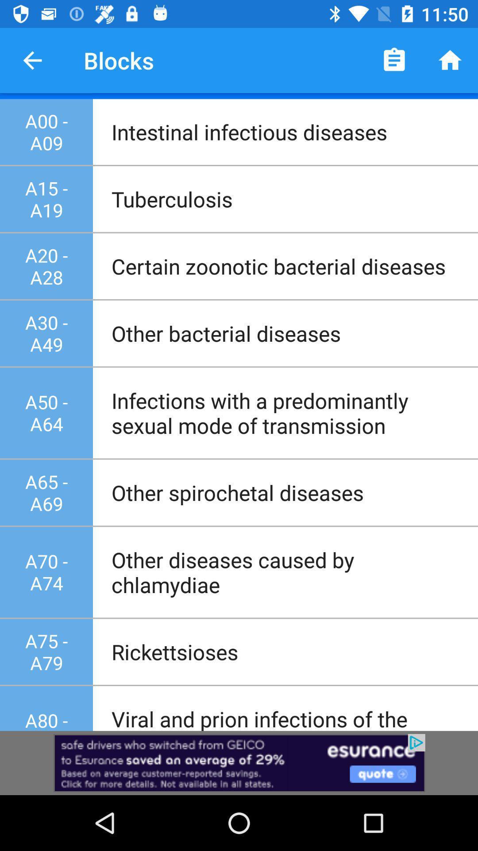  What do you see at coordinates (239, 762) in the screenshot?
I see `advertisement page` at bounding box center [239, 762].